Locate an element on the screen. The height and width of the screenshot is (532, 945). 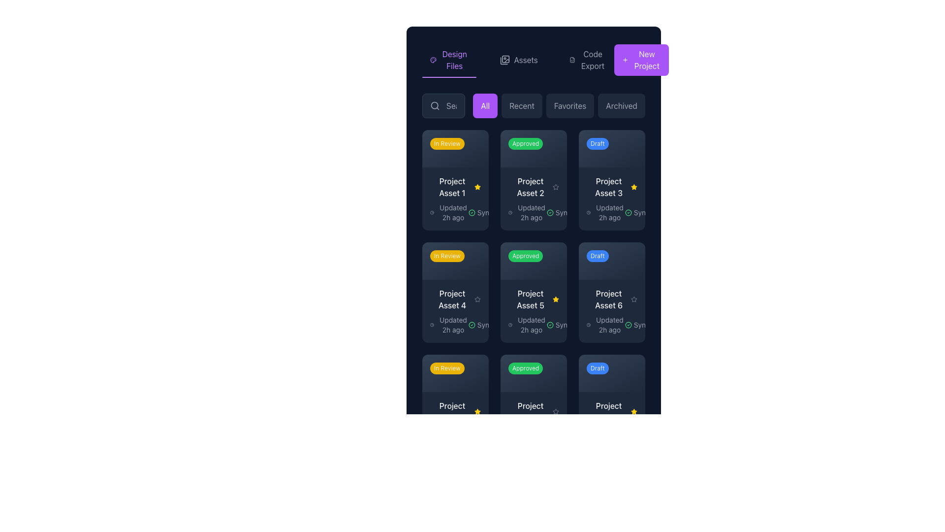
the navigation button that links to the 'Design Files' section, located in the top-left corner of the interface, to potentially see a tooltip is located at coordinates (449, 60).